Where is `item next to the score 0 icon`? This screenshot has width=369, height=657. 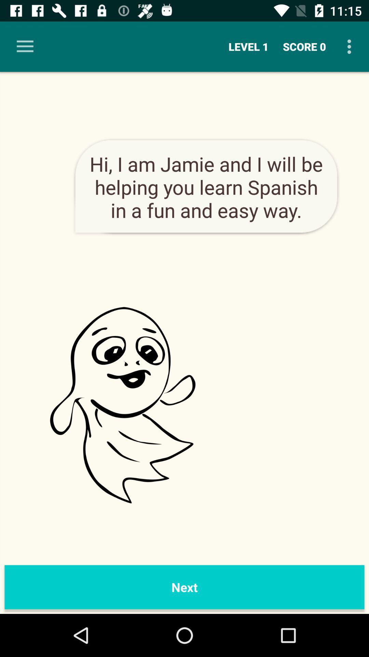 item next to the score 0 icon is located at coordinates (248, 46).